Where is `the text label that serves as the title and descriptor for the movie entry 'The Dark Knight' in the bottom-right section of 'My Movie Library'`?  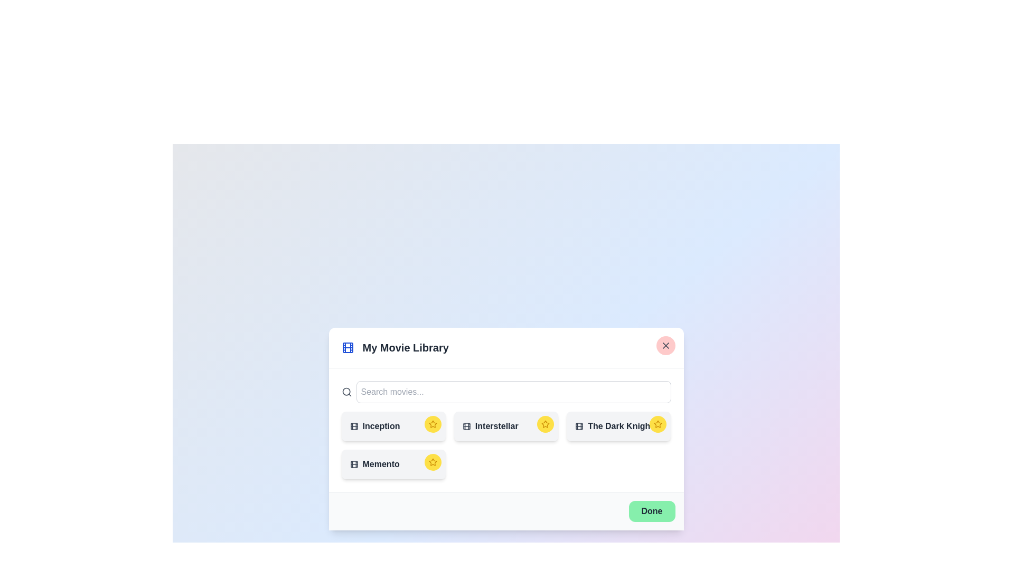
the text label that serves as the title and descriptor for the movie entry 'The Dark Knight' in the bottom-right section of 'My Movie Library' is located at coordinates (618, 425).